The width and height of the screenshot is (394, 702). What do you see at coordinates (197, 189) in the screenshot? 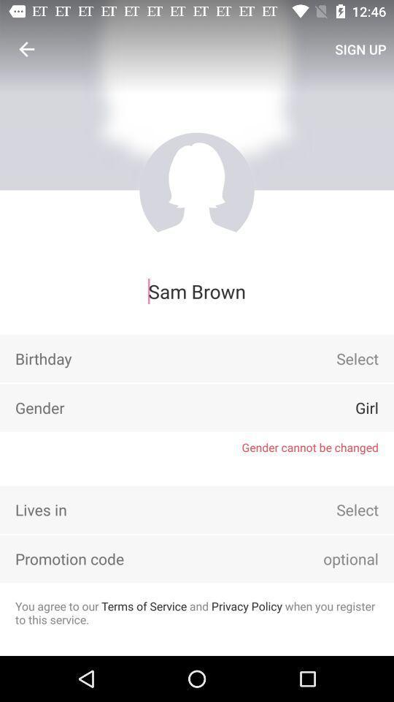
I see `photo` at bounding box center [197, 189].